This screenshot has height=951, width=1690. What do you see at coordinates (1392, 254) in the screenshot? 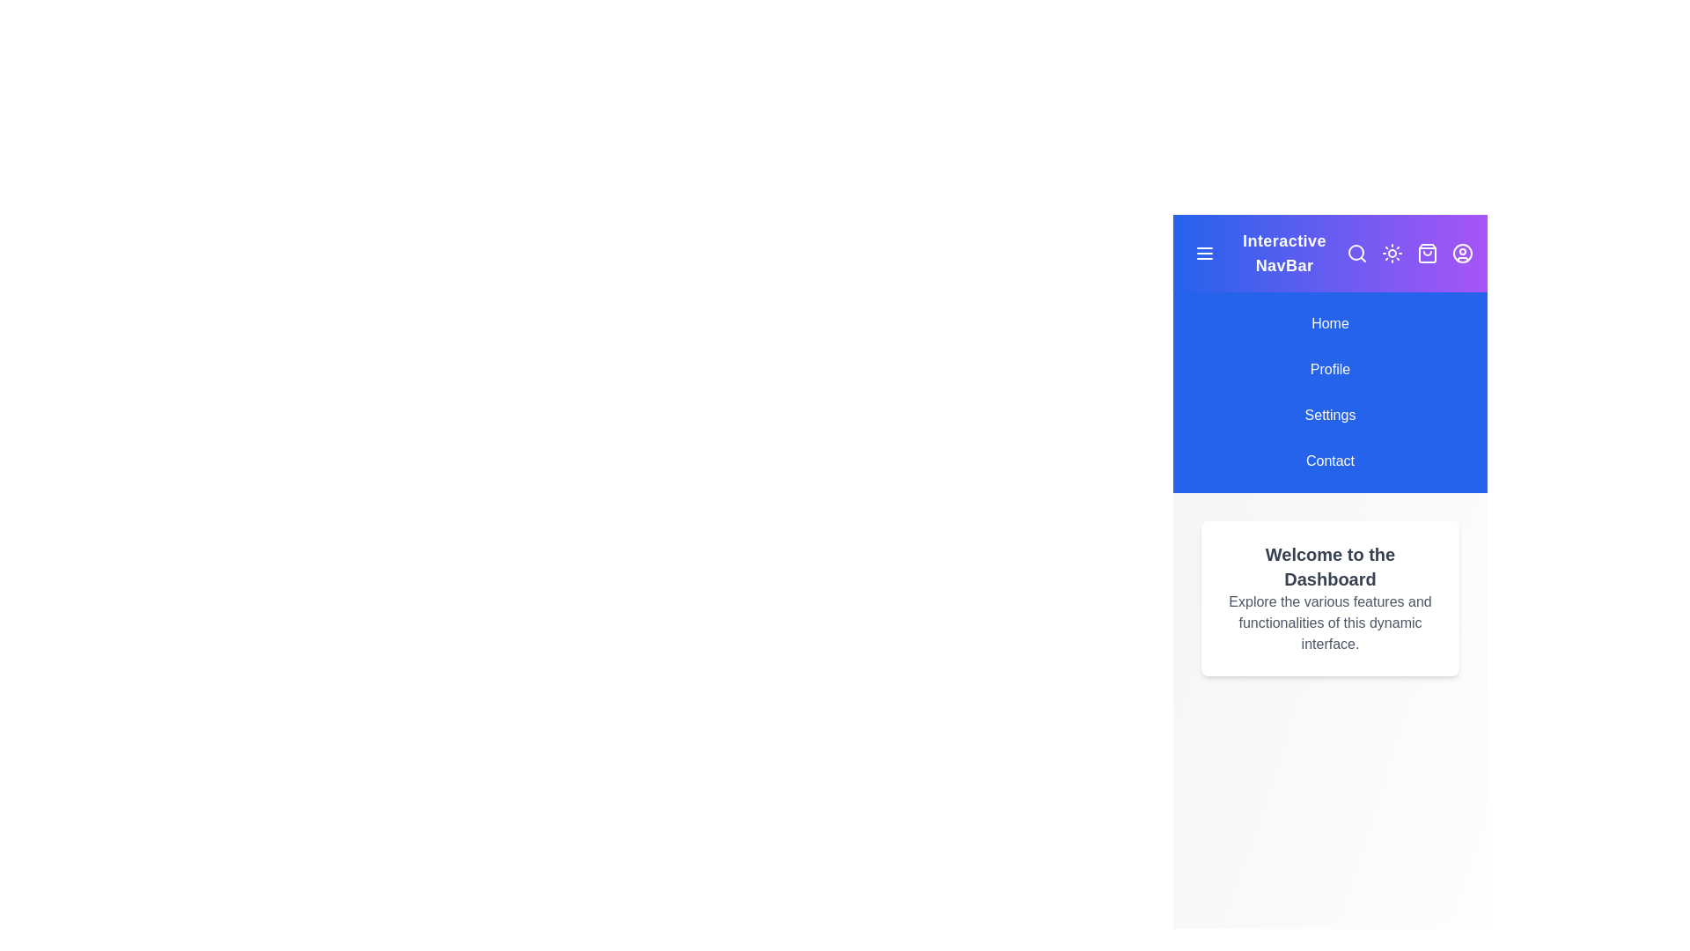
I see `the utility icon Sun` at bounding box center [1392, 254].